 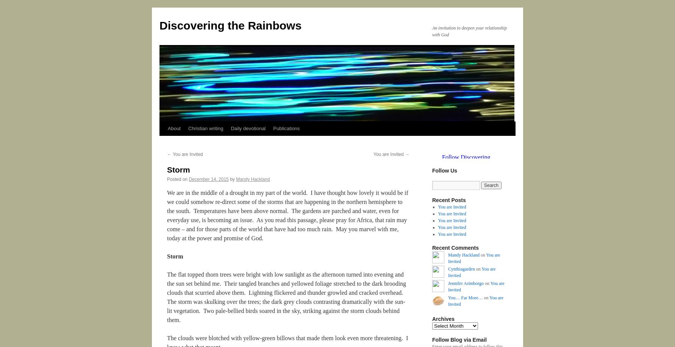 I want to click on 'Posted on', so click(x=177, y=179).